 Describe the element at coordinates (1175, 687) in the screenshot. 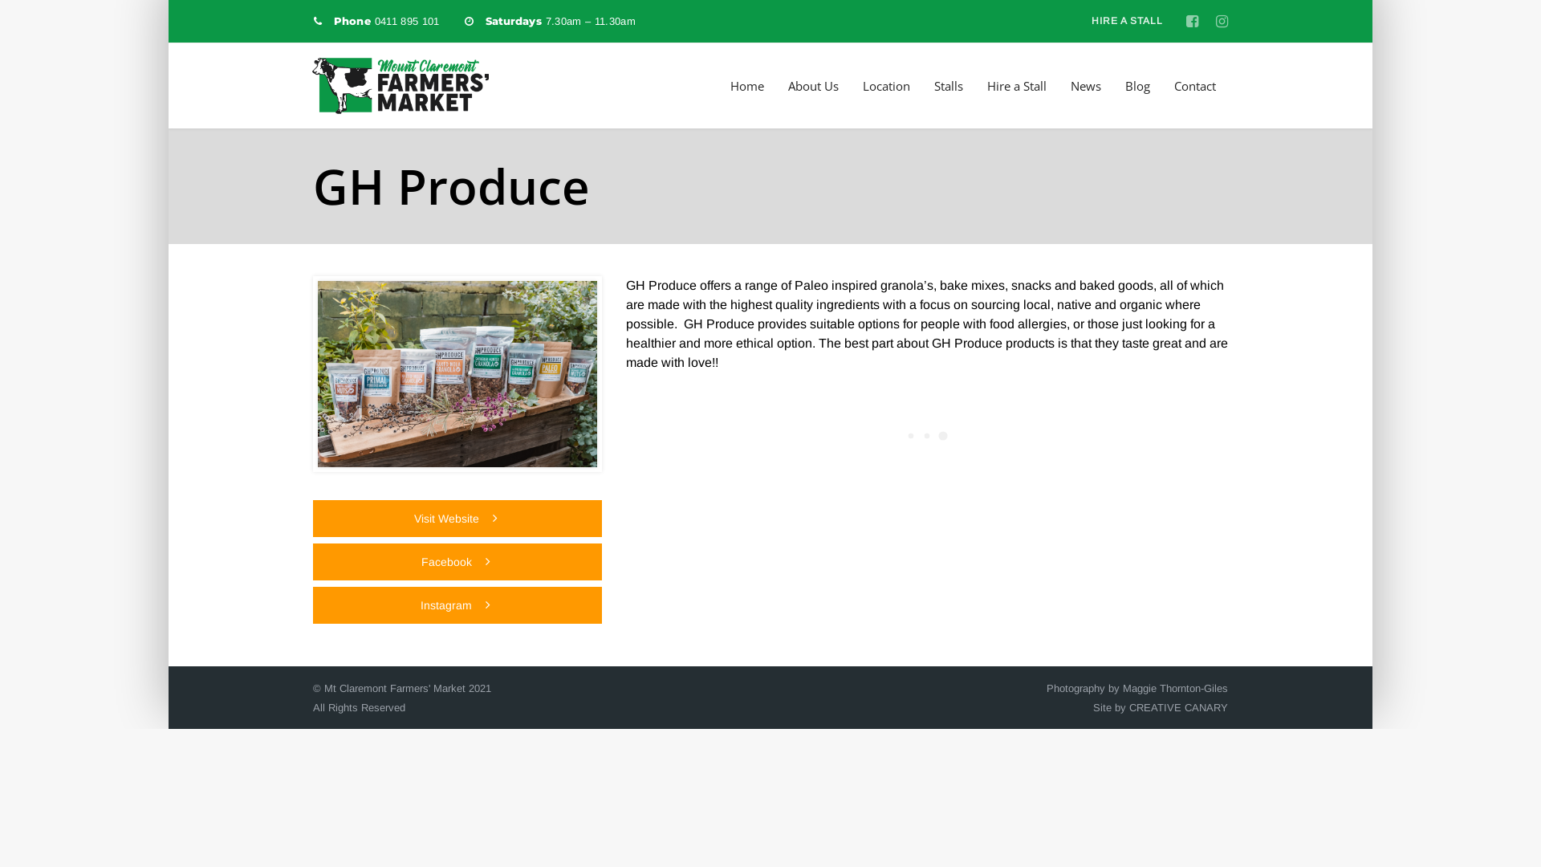

I see `'Maggie Thornton-Giles'` at that location.